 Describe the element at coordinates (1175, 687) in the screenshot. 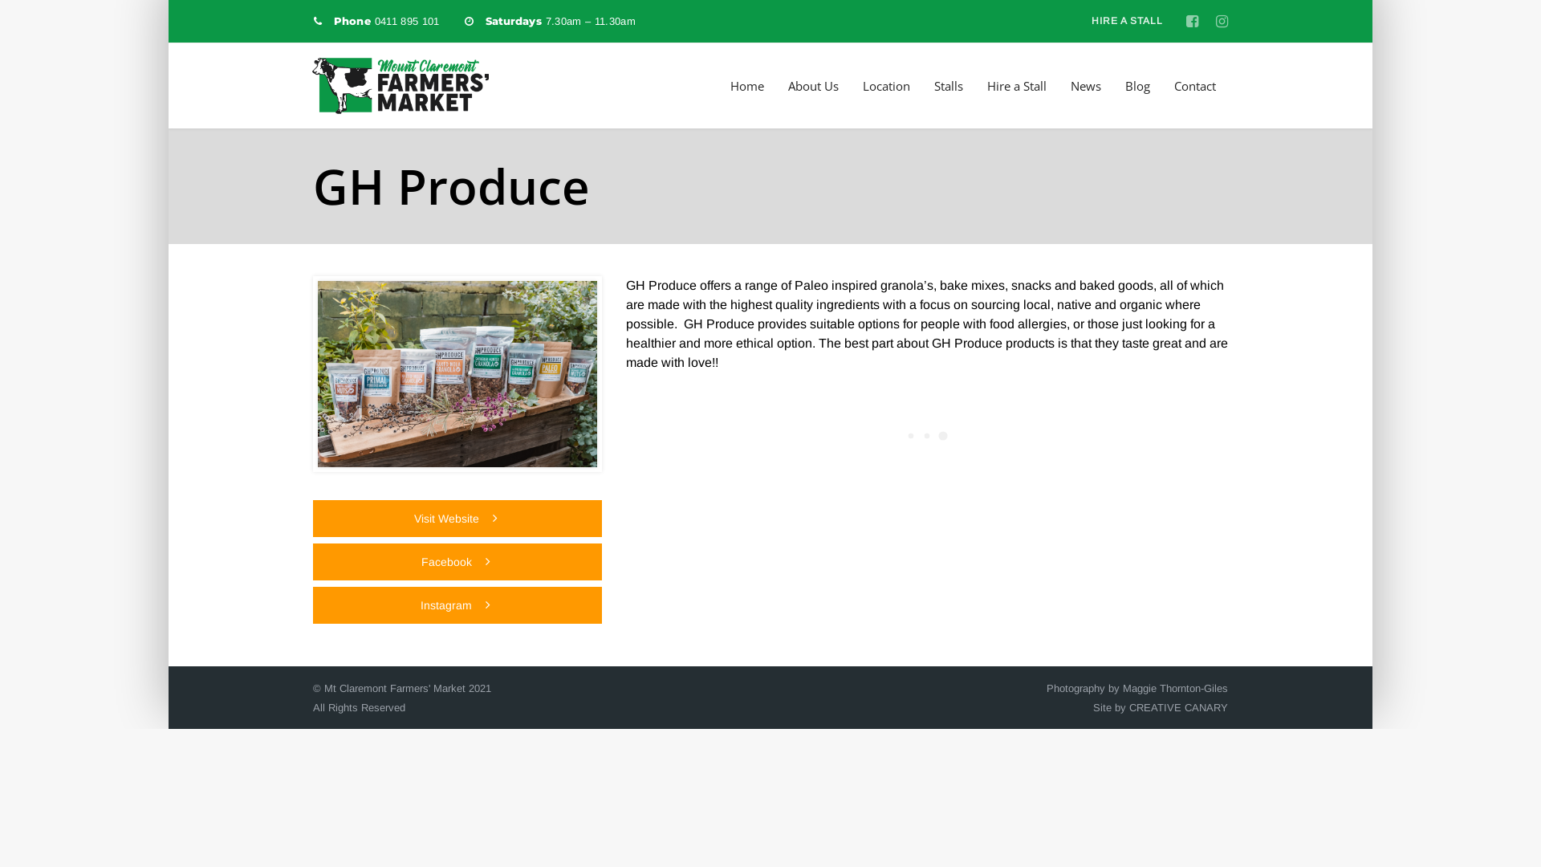

I see `'Maggie Thornton-Giles'` at that location.